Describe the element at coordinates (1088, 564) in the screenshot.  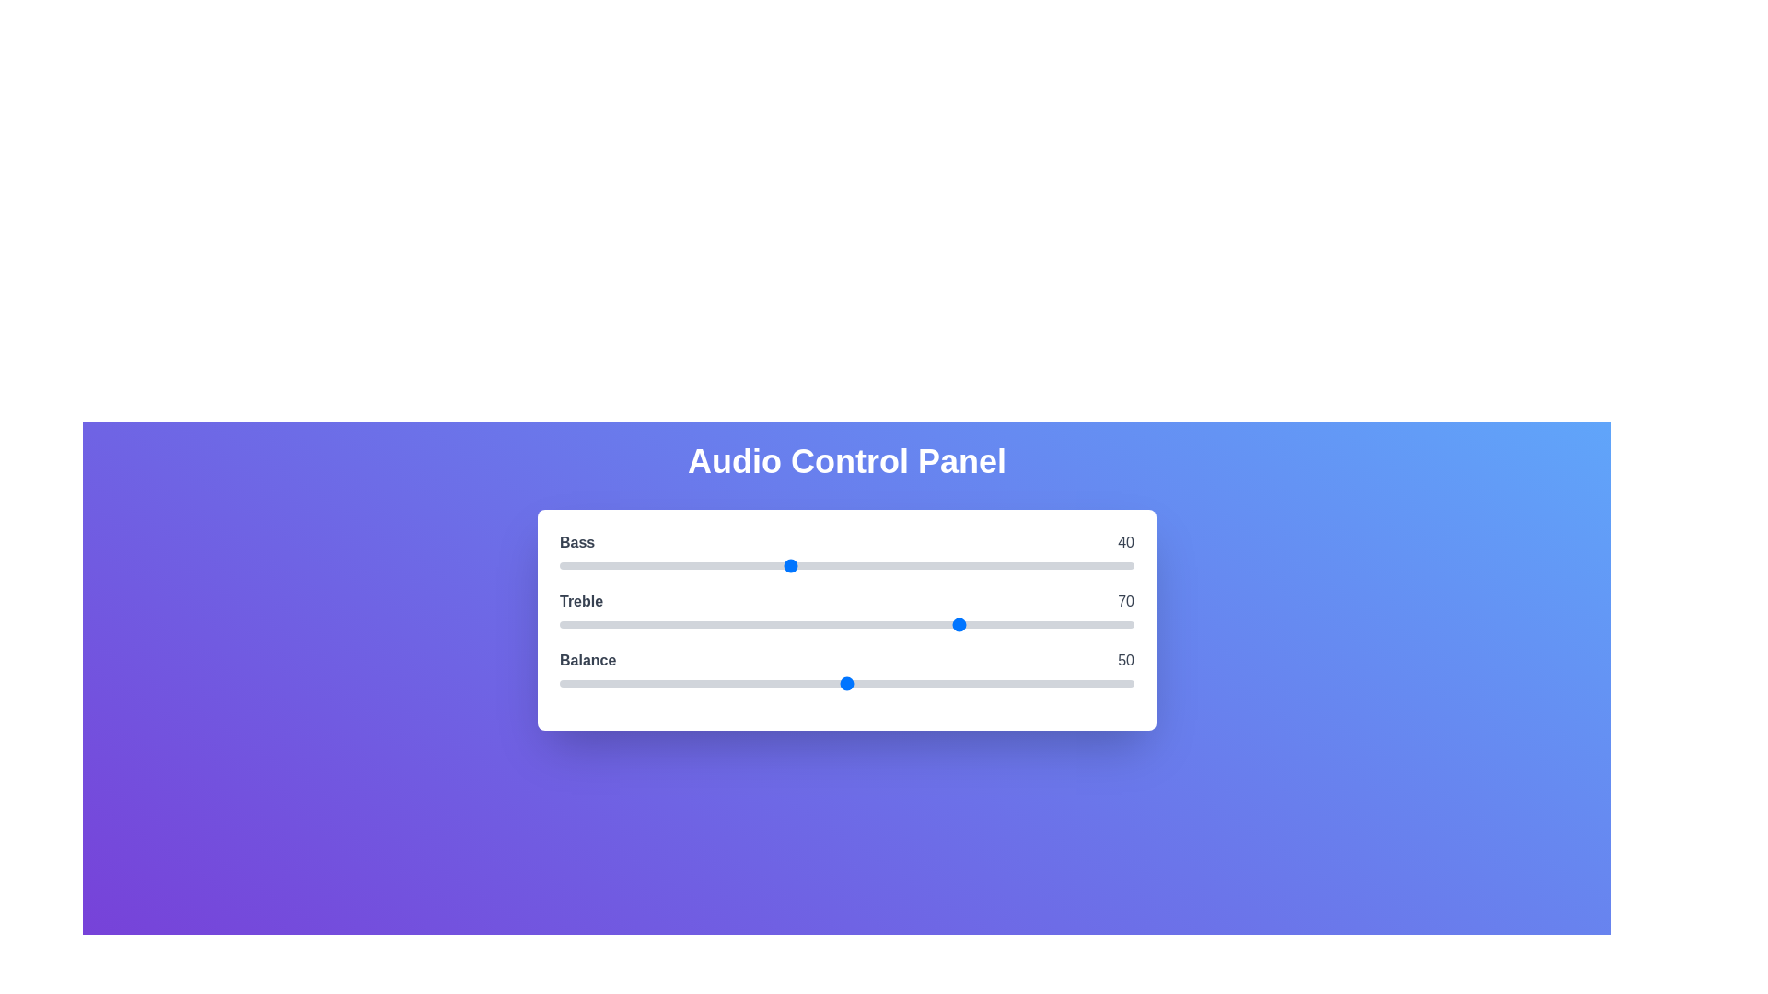
I see `the 0 slider to 92` at that location.